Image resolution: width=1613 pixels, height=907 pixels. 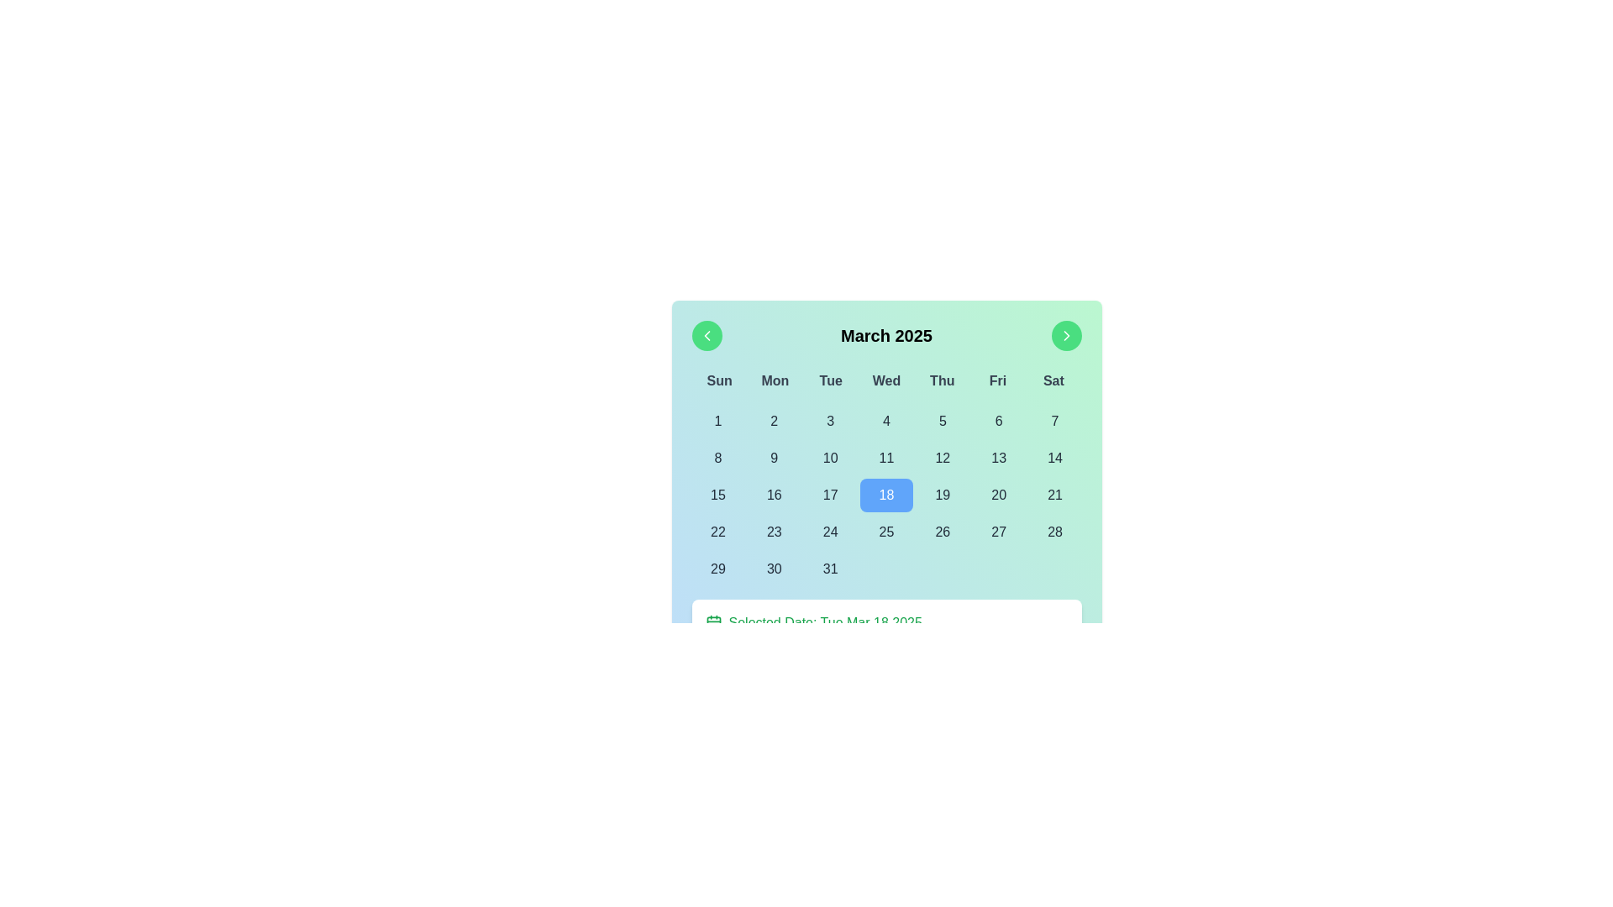 What do you see at coordinates (717, 569) in the screenshot?
I see `the button representing the 29th day of the calendar month` at bounding box center [717, 569].